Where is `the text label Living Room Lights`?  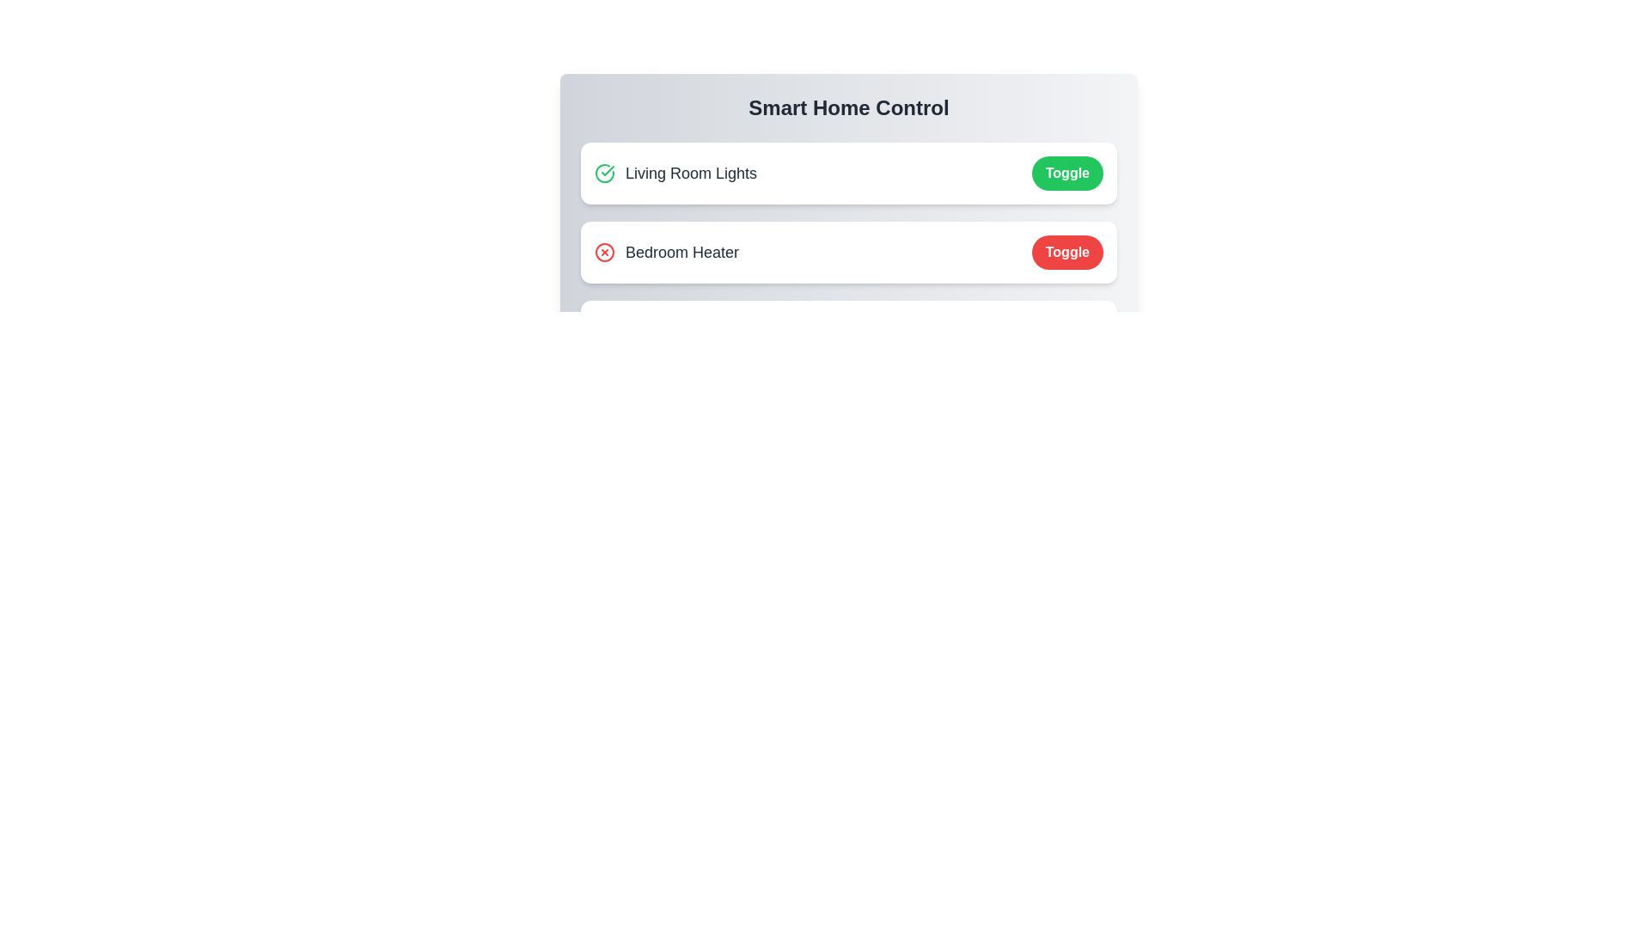 the text label Living Room Lights is located at coordinates (675, 173).